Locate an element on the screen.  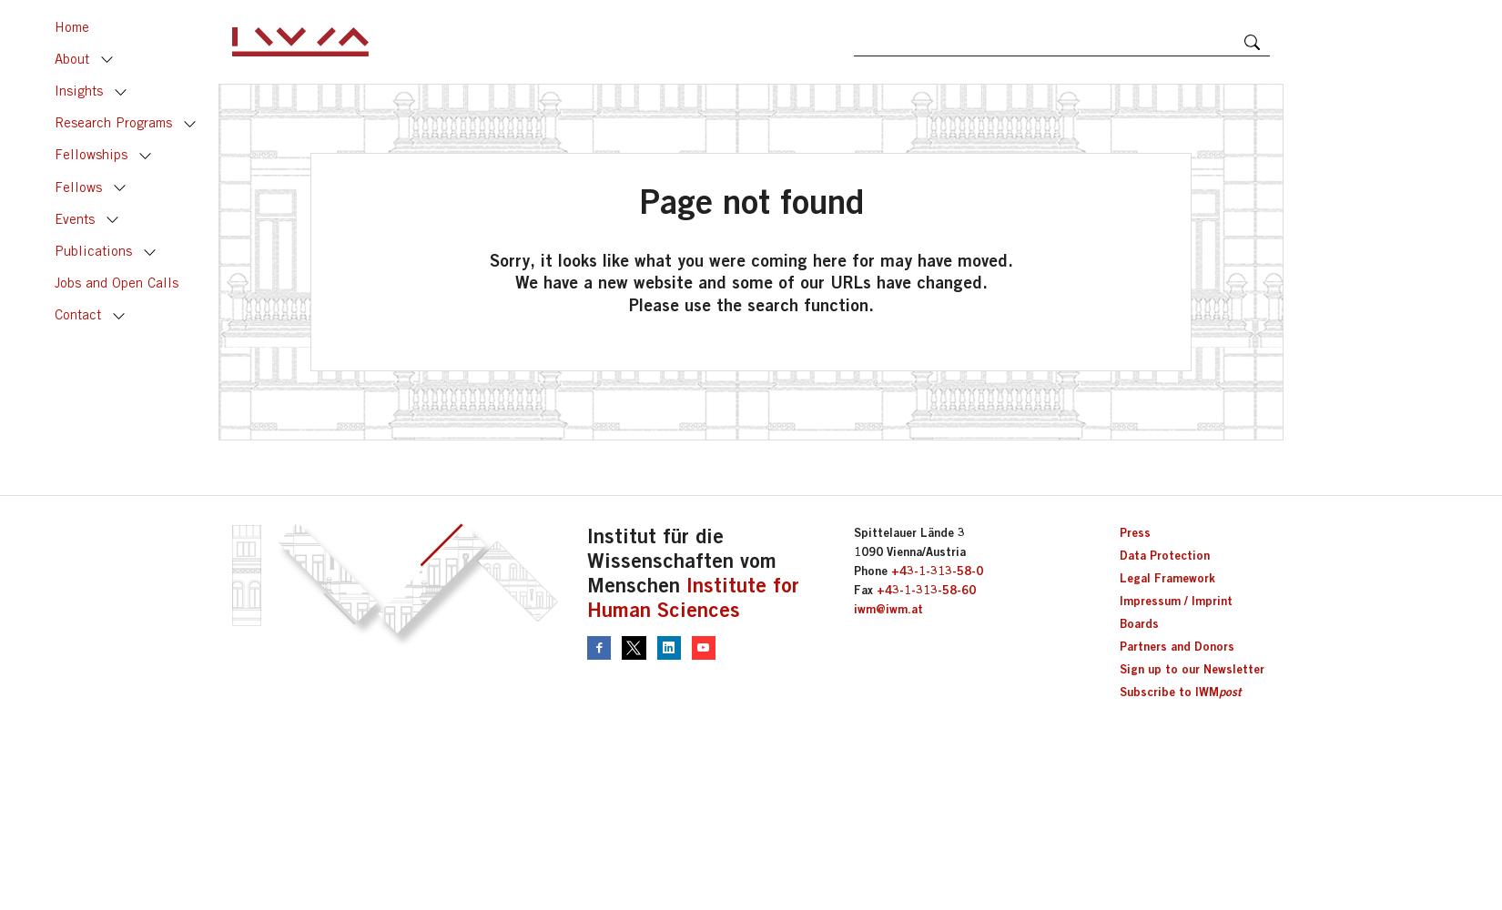
'Boards' is located at coordinates (1138, 623).